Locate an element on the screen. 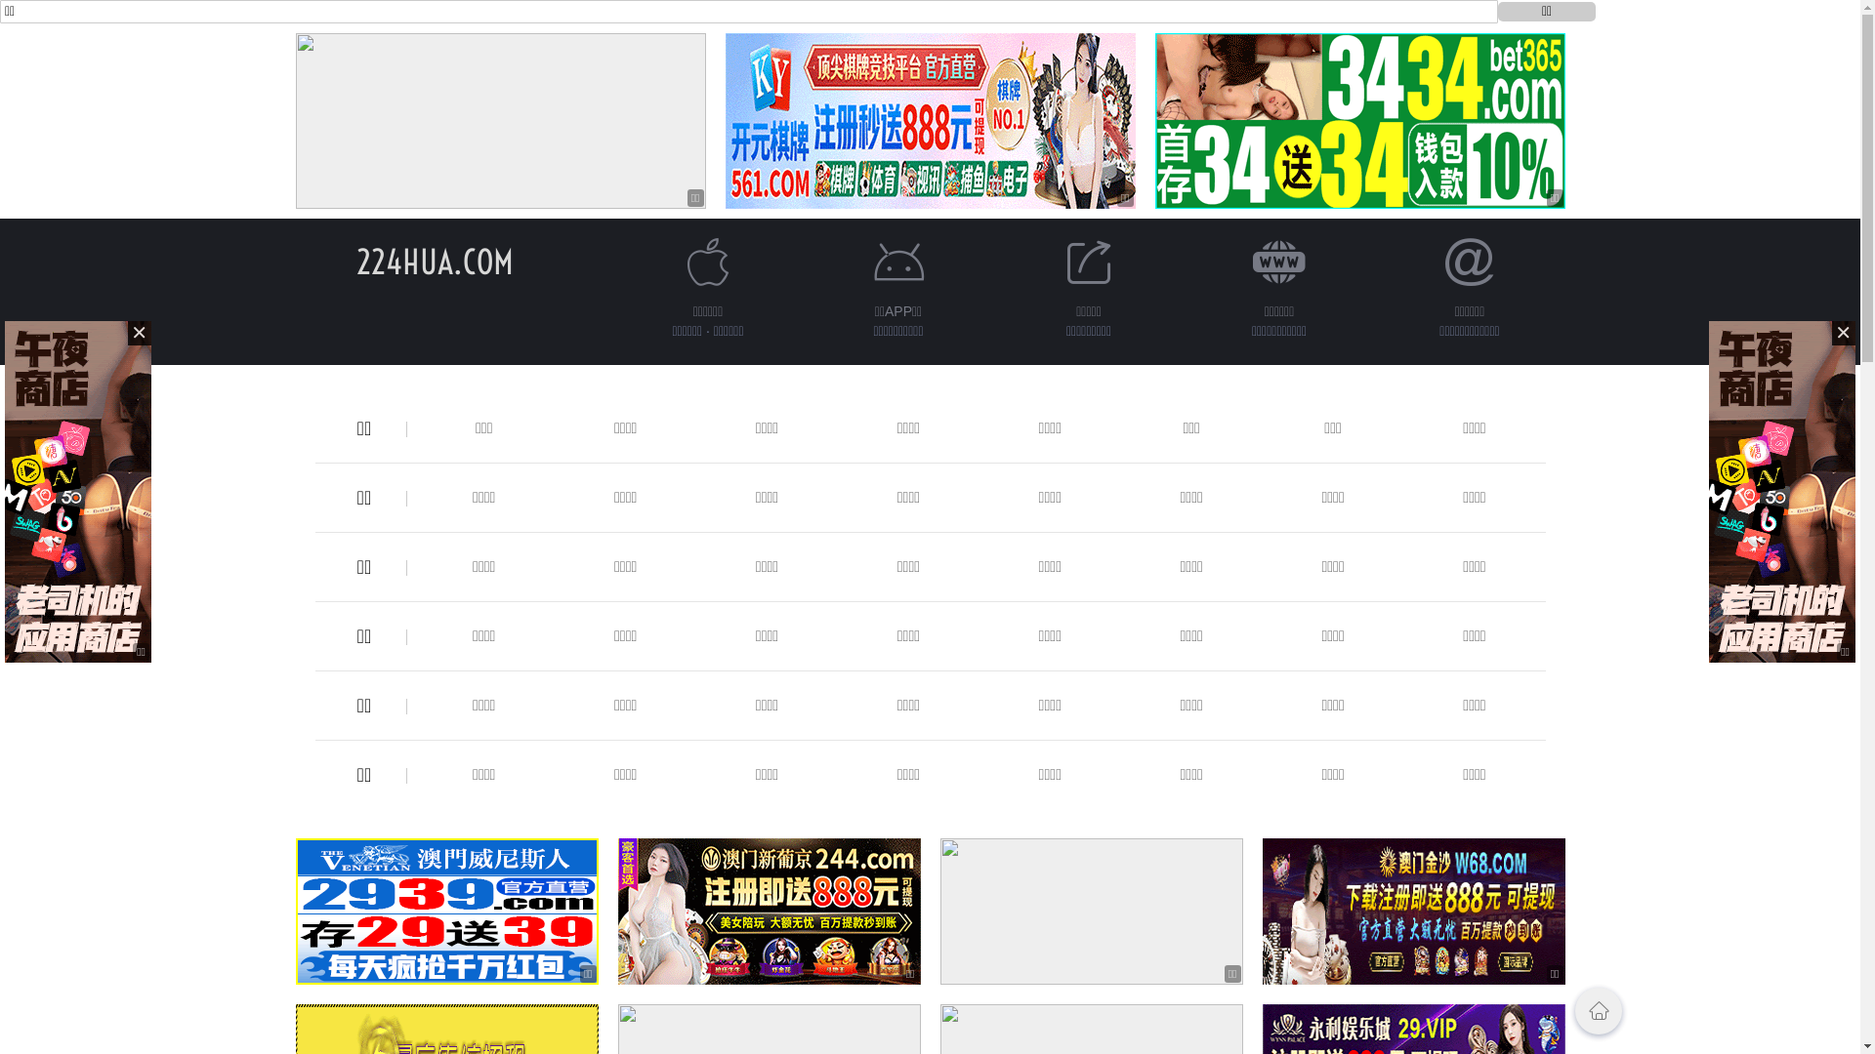 This screenshot has height=1054, width=1875. '224HUA.COM' is located at coordinates (355, 261).